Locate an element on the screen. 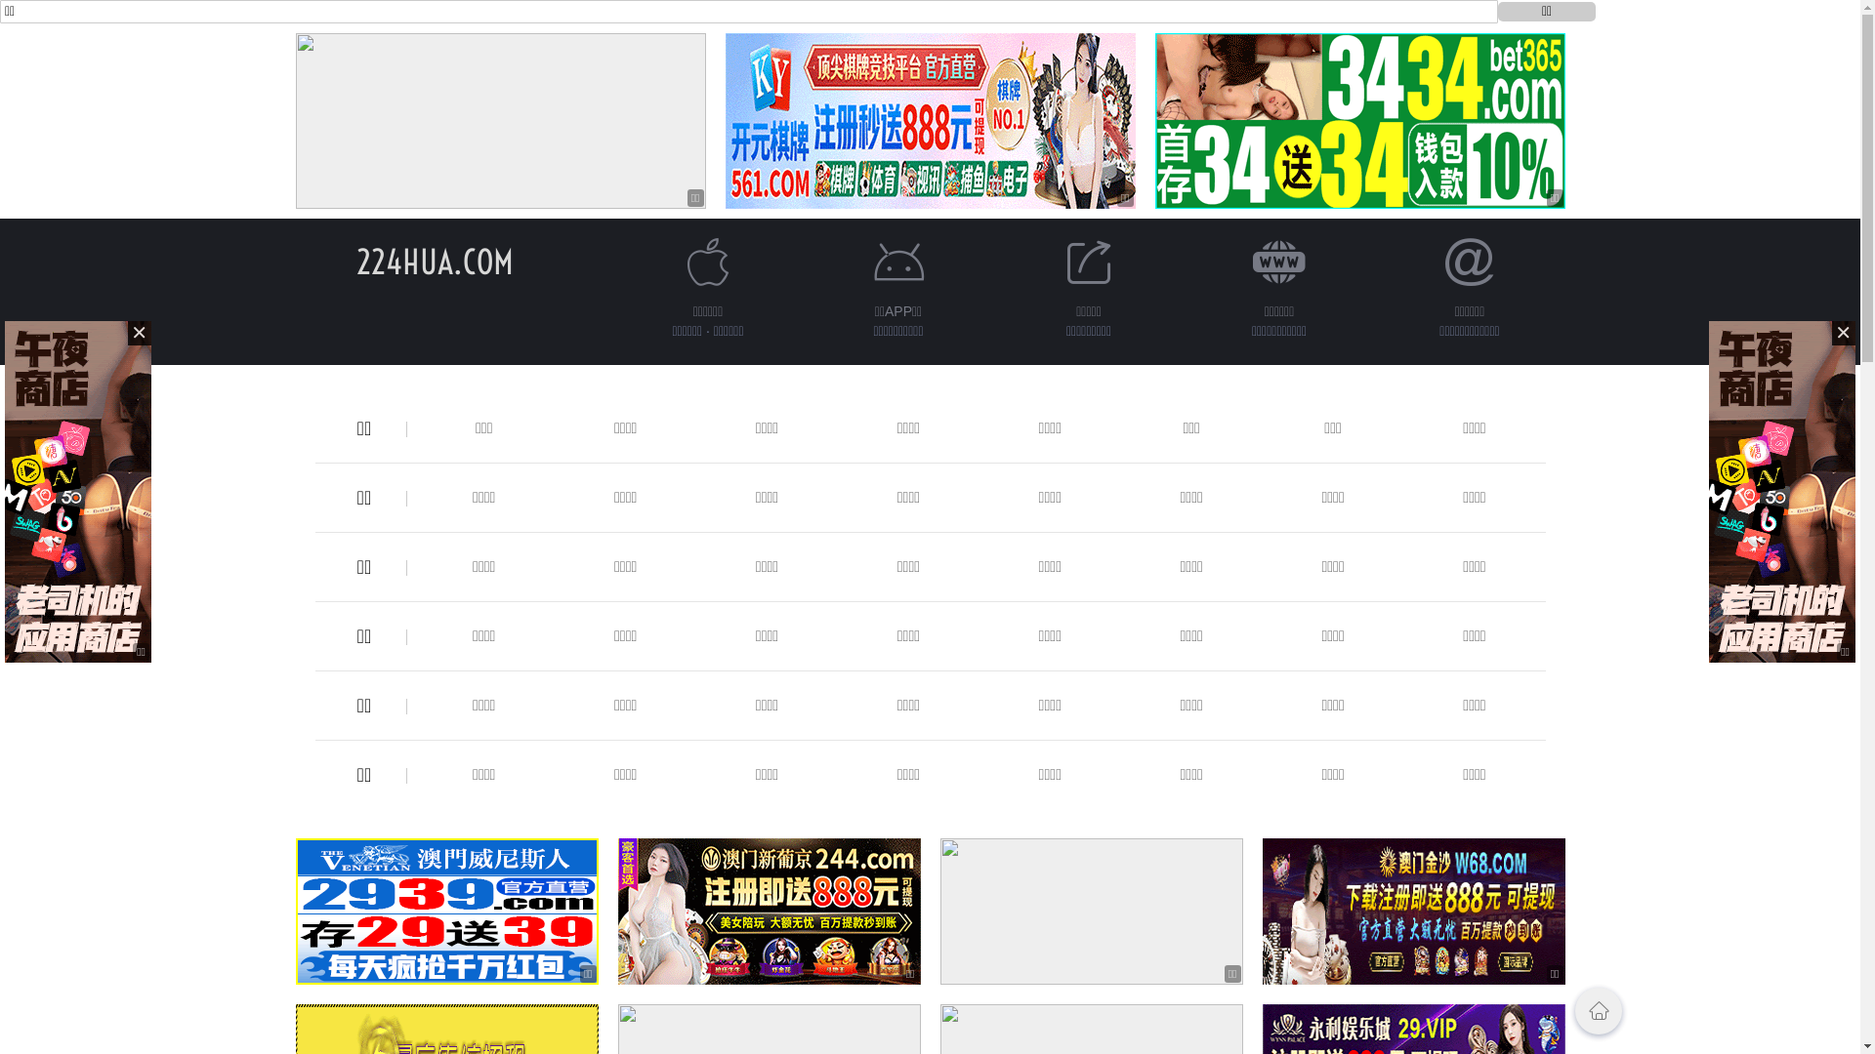 This screenshot has height=1054, width=1875. '224HUA.COM' is located at coordinates (355, 261).